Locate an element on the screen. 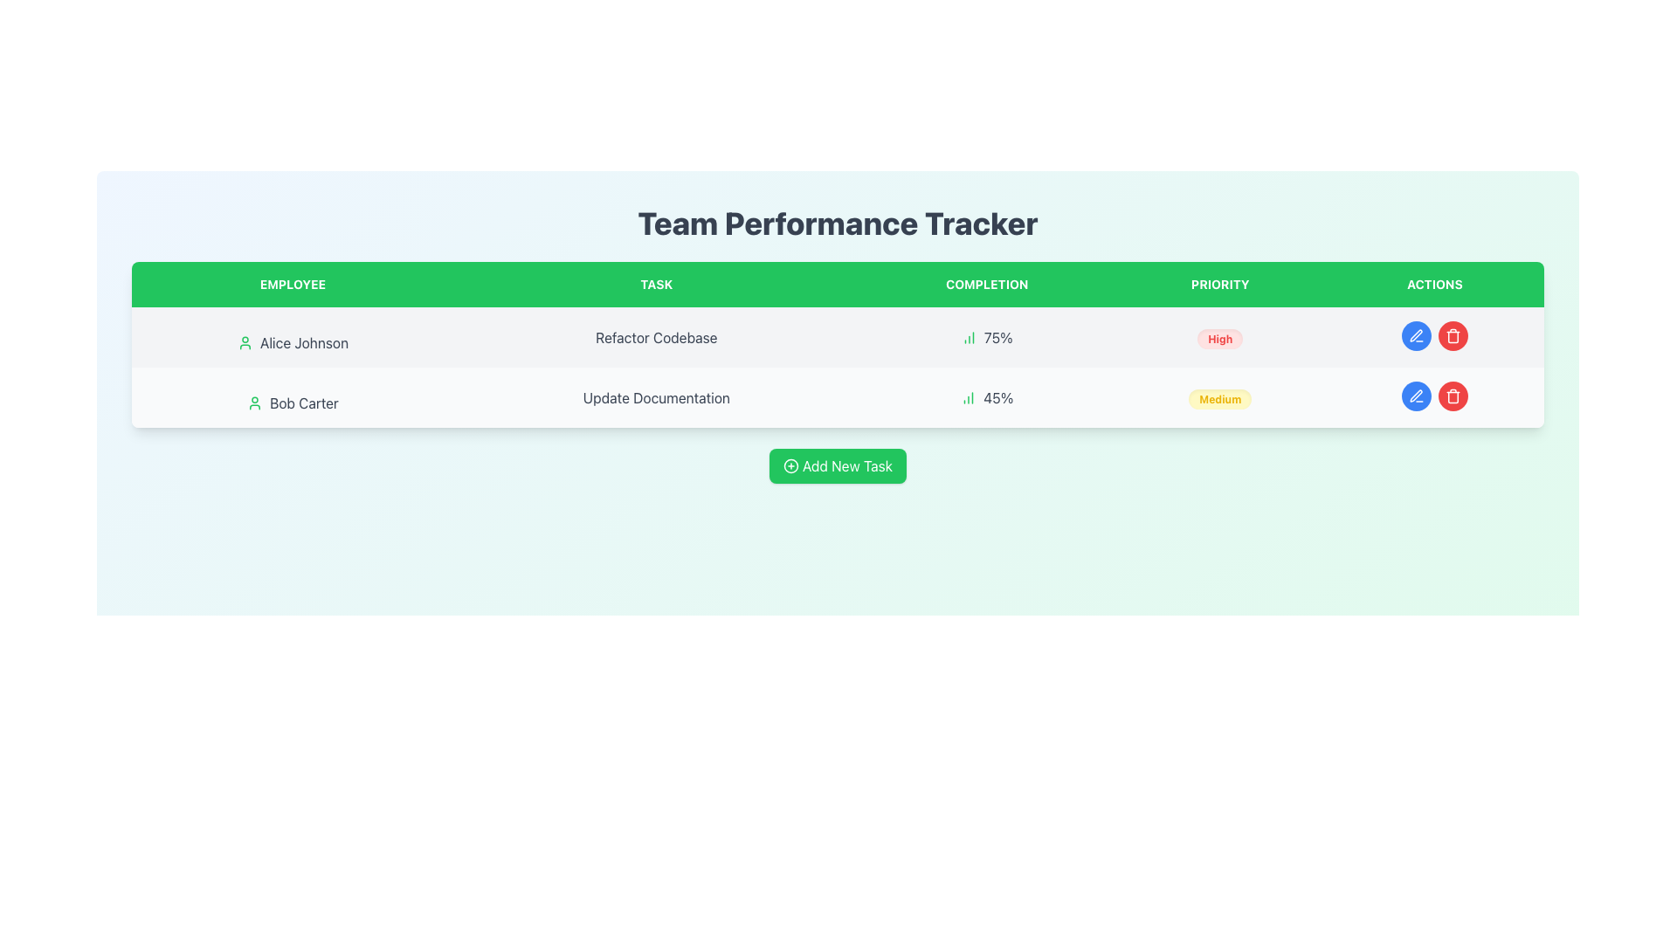 This screenshot has width=1677, height=943. the text label displaying the name 'Alice Johnson' in the first row of the 'Team Performance Tracker' table under the 'Employee' column is located at coordinates (293, 343).